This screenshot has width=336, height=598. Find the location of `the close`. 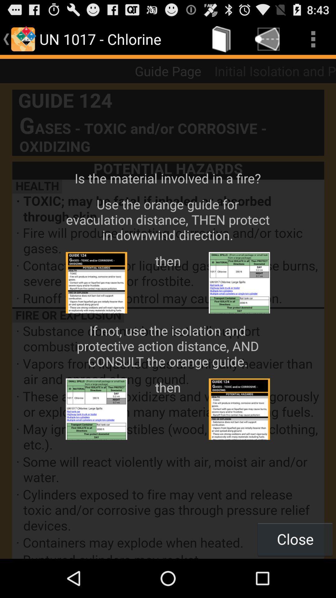

the close is located at coordinates (295, 539).